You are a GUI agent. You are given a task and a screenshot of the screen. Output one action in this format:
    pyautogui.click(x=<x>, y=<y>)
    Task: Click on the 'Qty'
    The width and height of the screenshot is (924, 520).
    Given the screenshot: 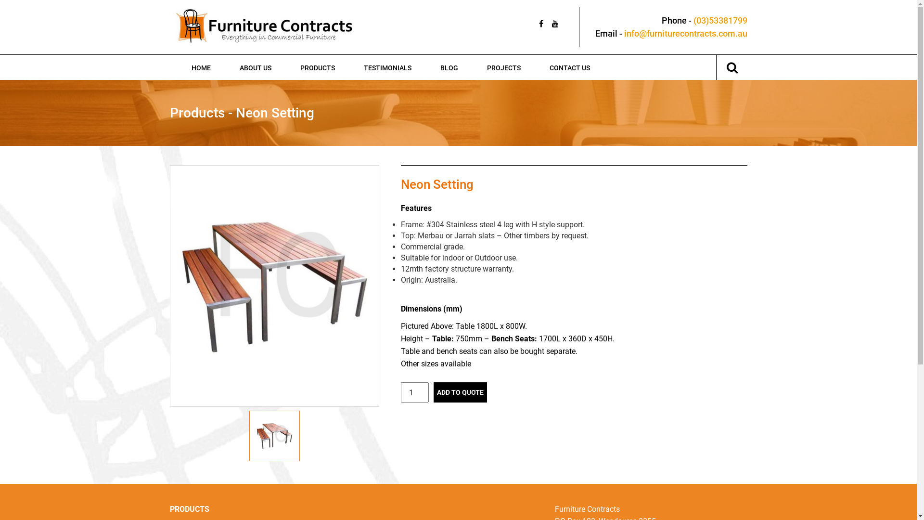 What is the action you would take?
    pyautogui.click(x=414, y=392)
    